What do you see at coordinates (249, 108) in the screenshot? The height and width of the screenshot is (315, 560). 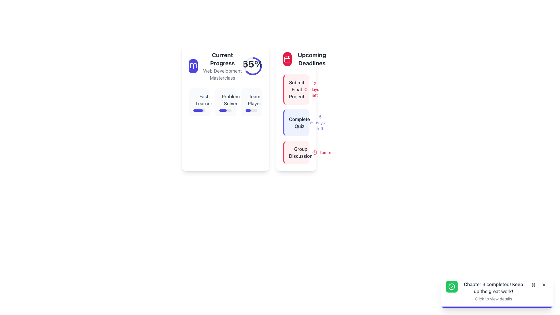 I see `the individual deadlines within the dashboard summary card` at bounding box center [249, 108].